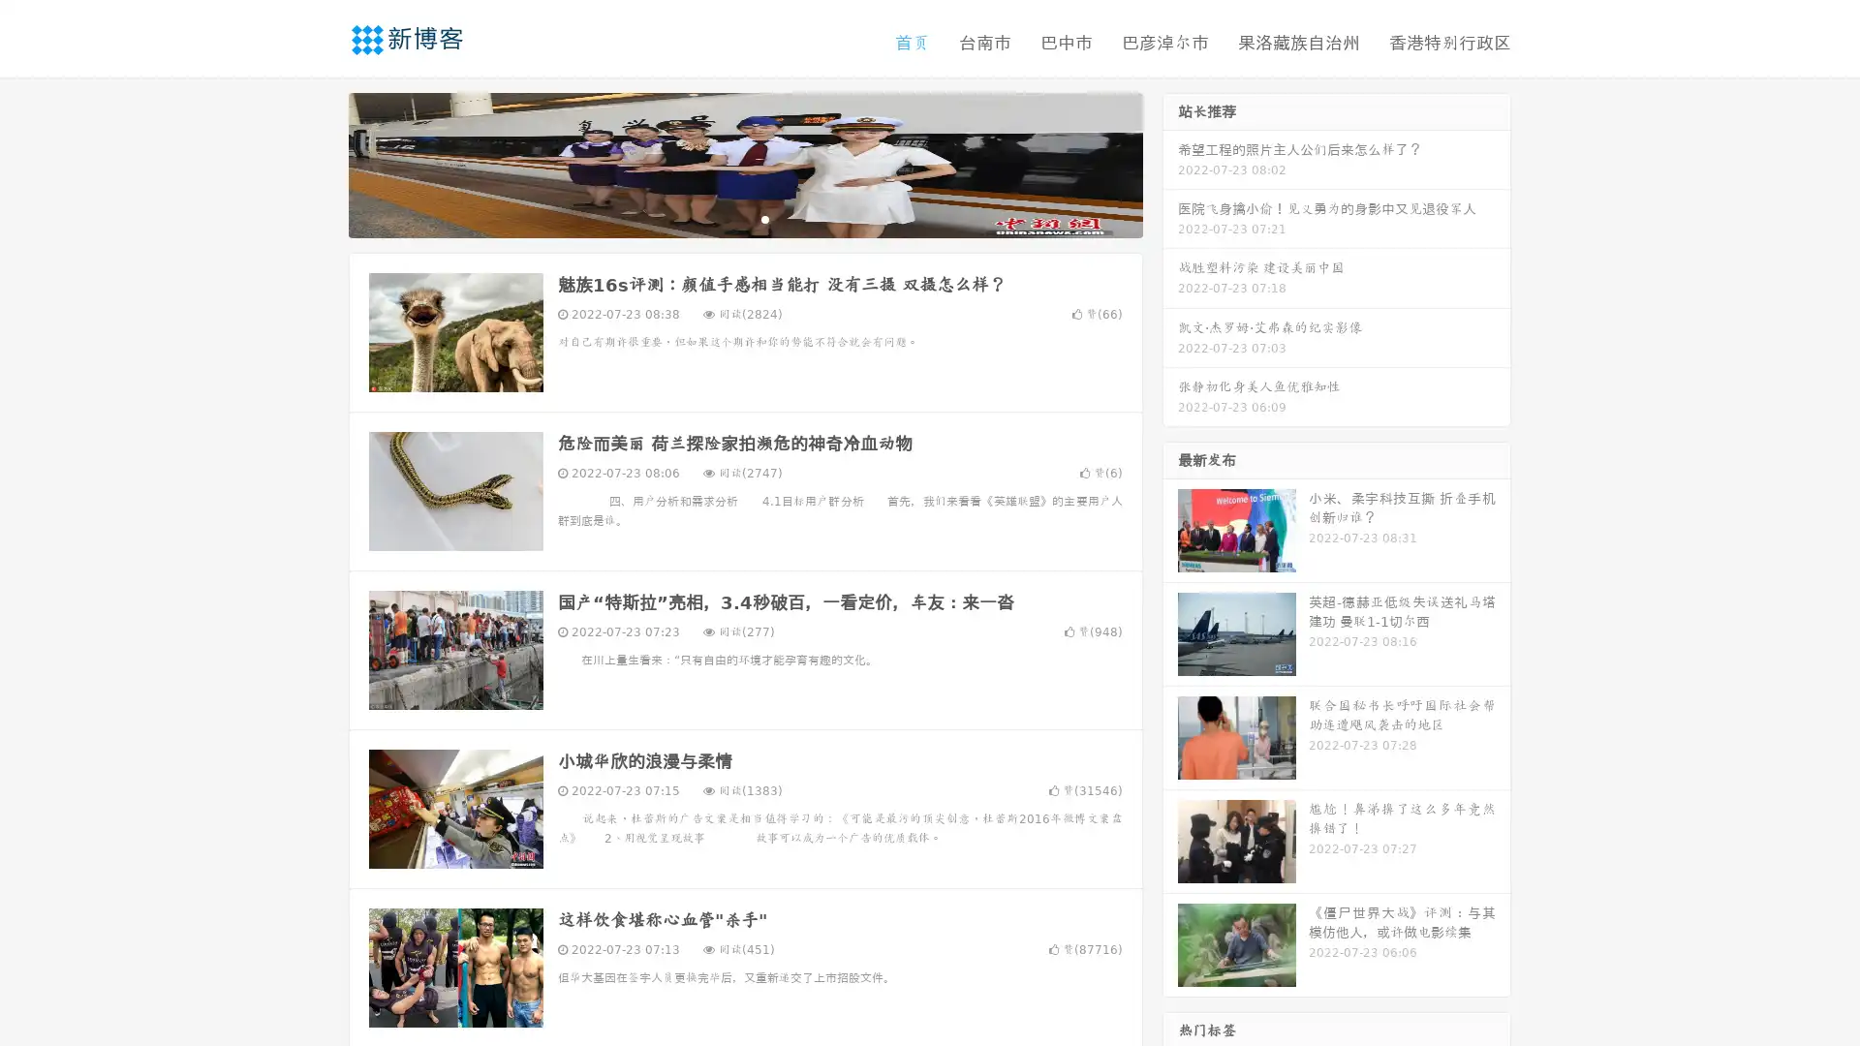 The height and width of the screenshot is (1046, 1860). Describe the element at coordinates (1170, 163) in the screenshot. I see `Next slide` at that location.